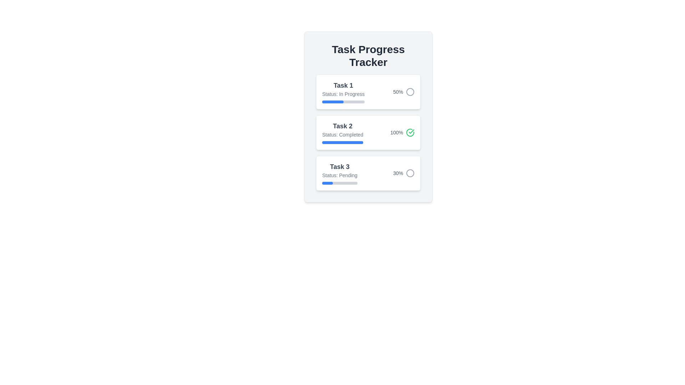 The image size is (685, 385). What do you see at coordinates (404, 92) in the screenshot?
I see `the progress percentage text '50%' with the adjacent decorative circle icon located in the top-right corner of the 'Task 1' box in the 'Task Progress Tracker'` at bounding box center [404, 92].